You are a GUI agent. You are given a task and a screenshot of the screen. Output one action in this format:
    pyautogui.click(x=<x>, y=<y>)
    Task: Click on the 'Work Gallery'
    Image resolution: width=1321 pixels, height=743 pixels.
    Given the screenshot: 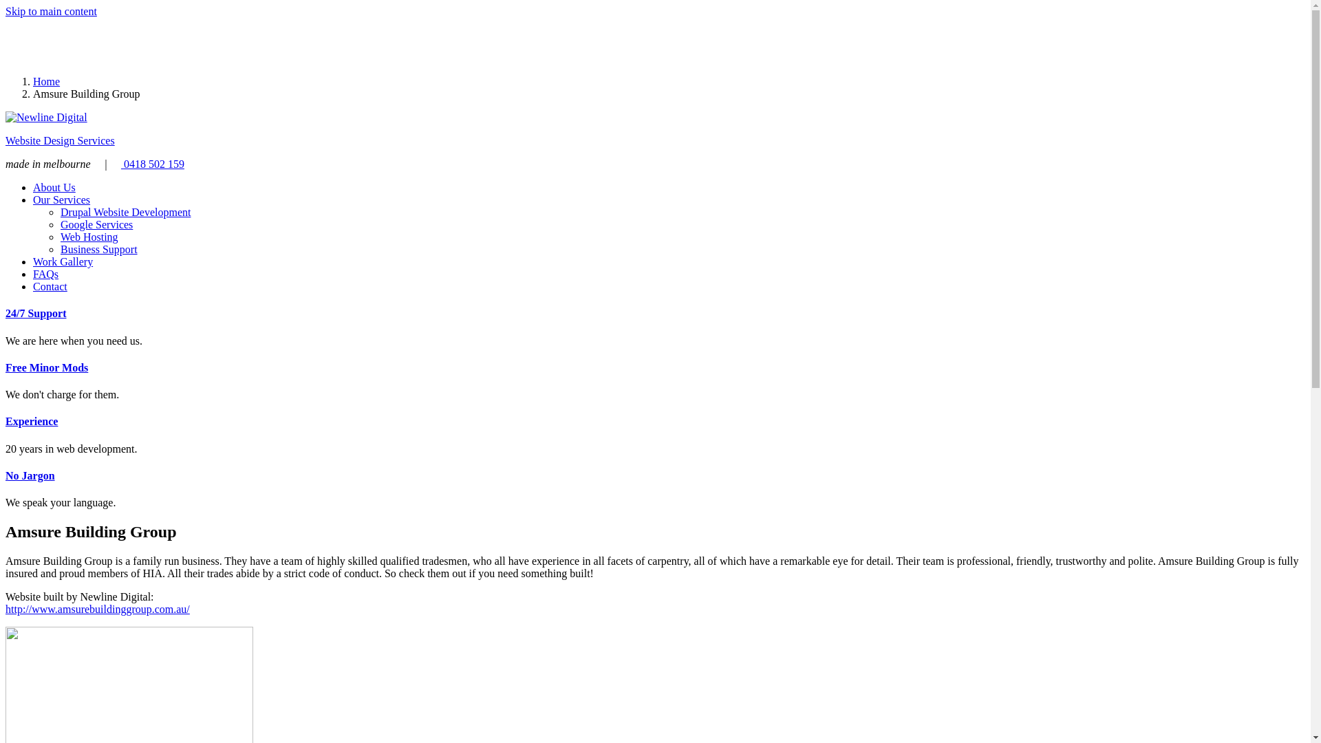 What is the action you would take?
    pyautogui.click(x=33, y=261)
    